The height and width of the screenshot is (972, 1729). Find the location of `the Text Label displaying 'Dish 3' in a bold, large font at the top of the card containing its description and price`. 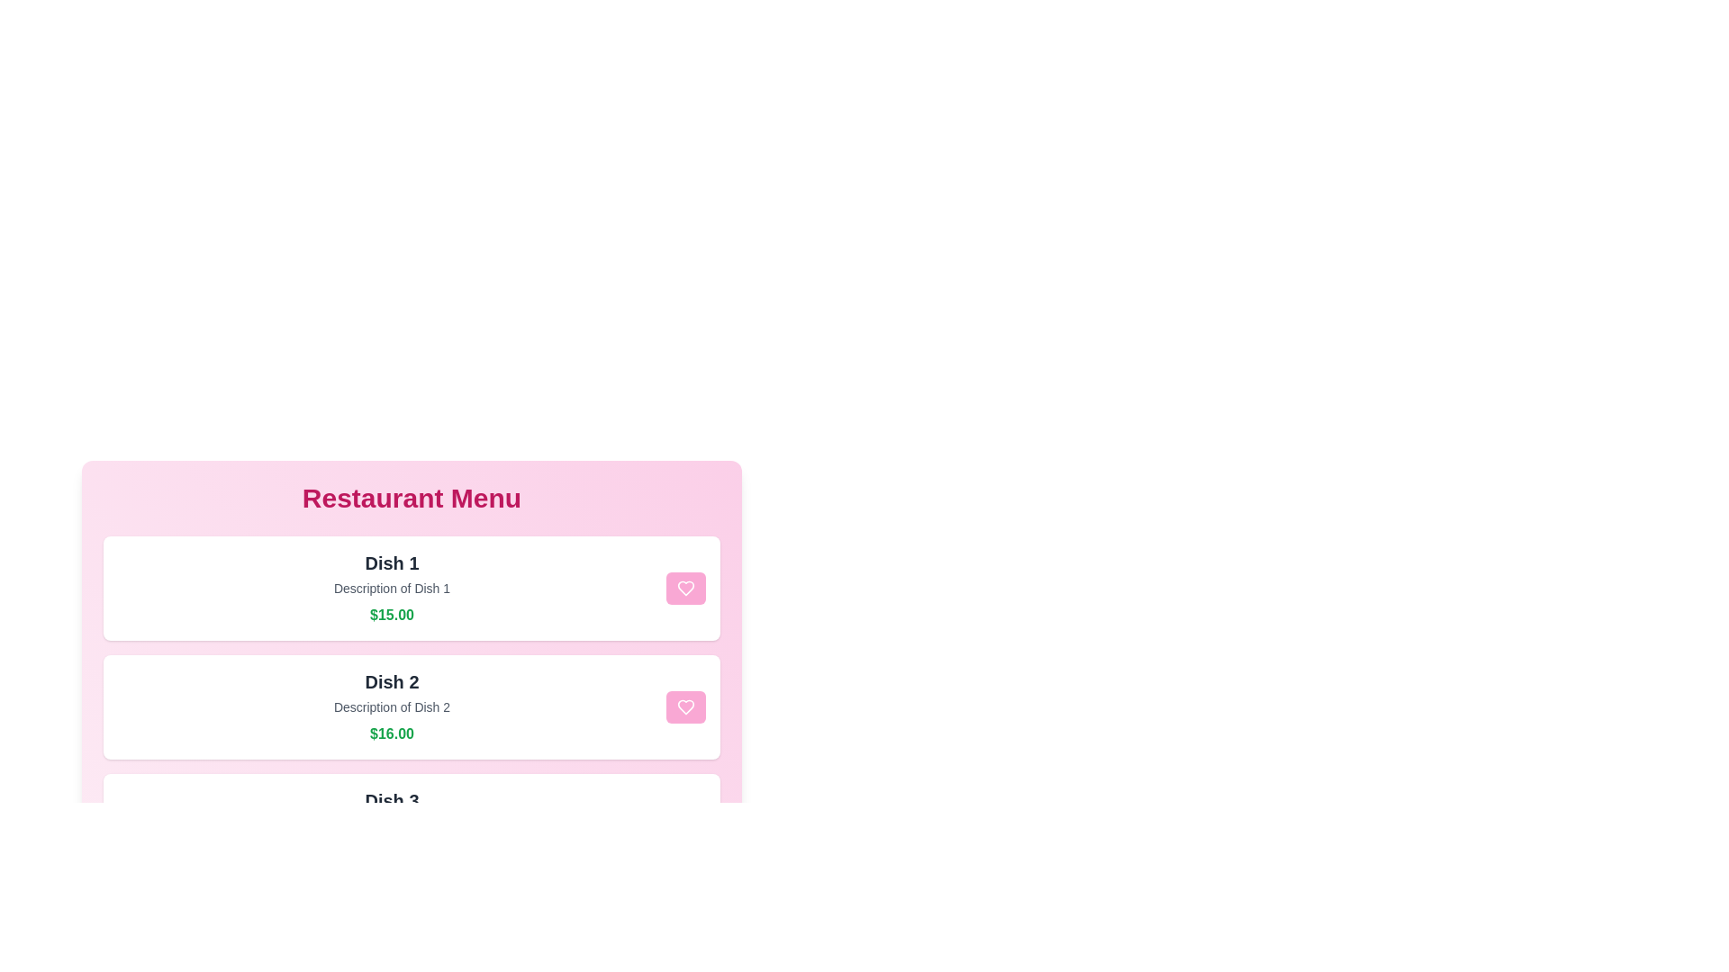

the Text Label displaying 'Dish 3' in a bold, large font at the top of the card containing its description and price is located at coordinates (391, 800).